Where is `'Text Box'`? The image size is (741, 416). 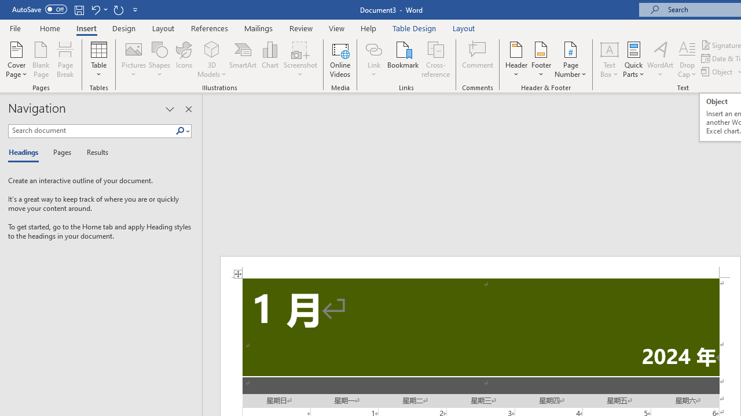
'Text Box' is located at coordinates (608, 60).